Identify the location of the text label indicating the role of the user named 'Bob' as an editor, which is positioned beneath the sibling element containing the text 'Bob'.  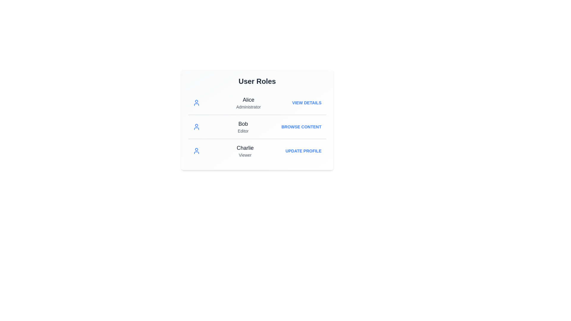
(243, 130).